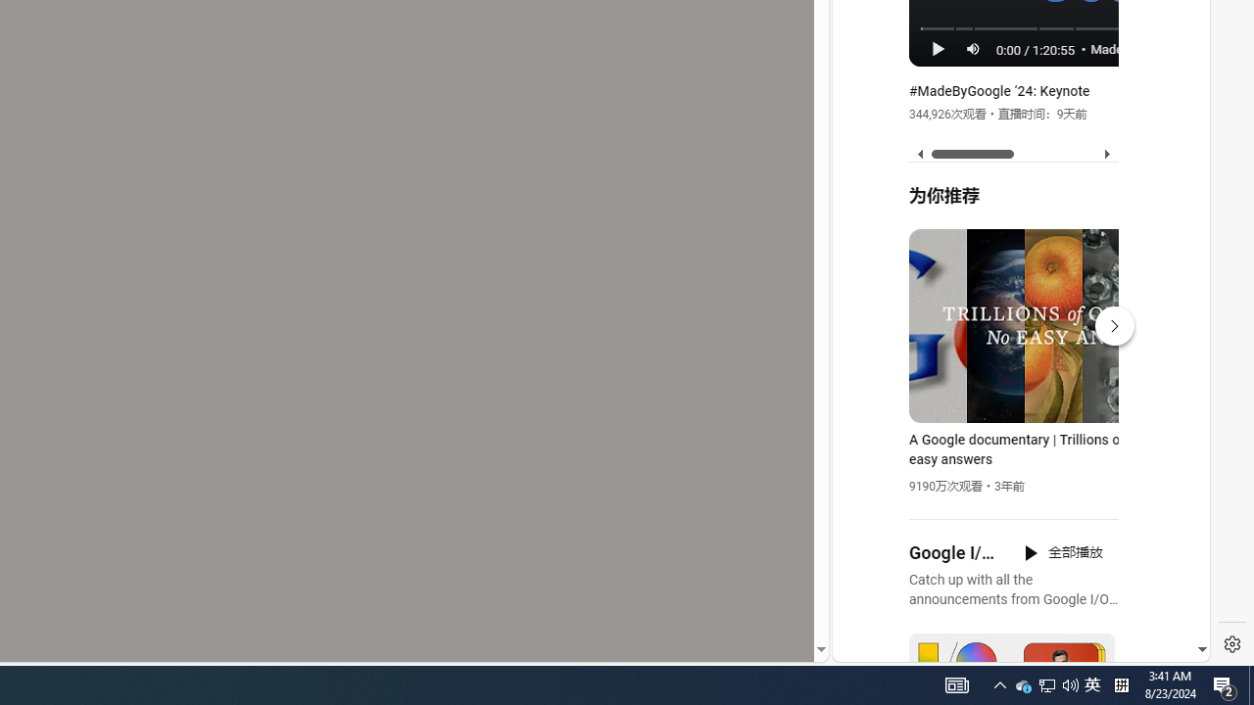 This screenshot has height=705, width=1254. Describe the element at coordinates (1108, 433) in the screenshot. I see `'Actions for this site'` at that location.